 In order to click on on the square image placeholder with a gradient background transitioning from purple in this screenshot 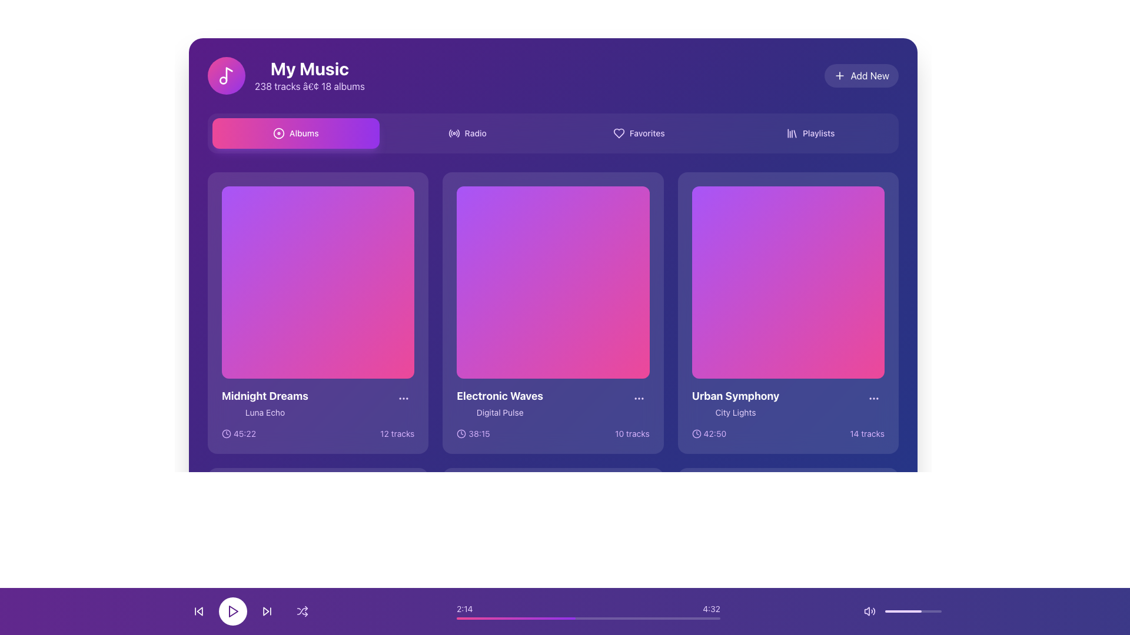, I will do `click(318, 282)`.